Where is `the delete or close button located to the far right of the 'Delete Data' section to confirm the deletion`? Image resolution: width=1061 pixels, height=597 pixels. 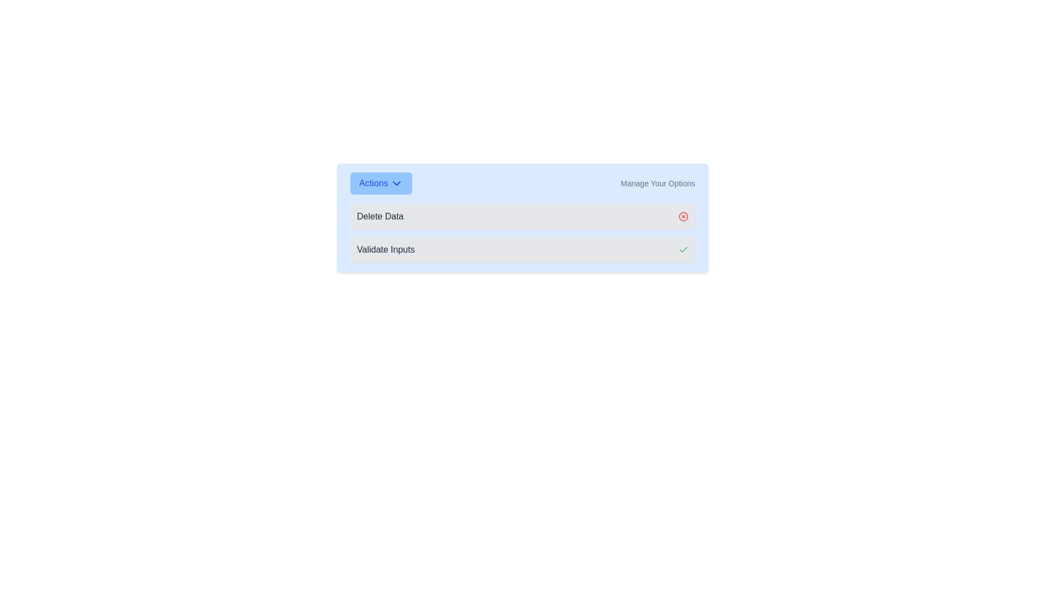
the delete or close button located to the far right of the 'Delete Data' section to confirm the deletion is located at coordinates (683, 217).